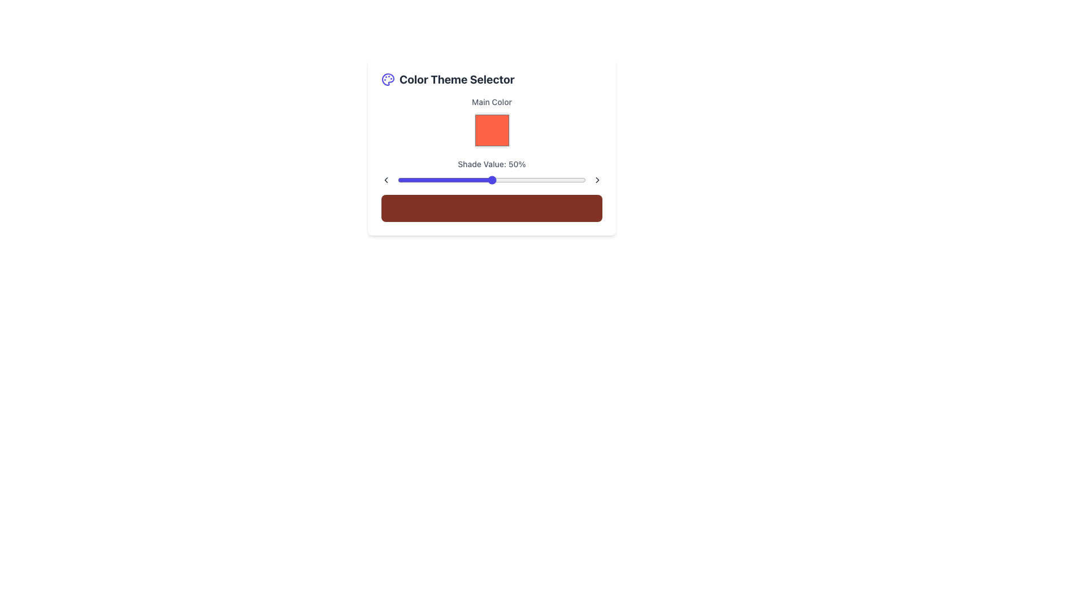  Describe the element at coordinates (386, 180) in the screenshot. I see `the white-filled left-pointing chevron icon with a black stroke, located next to the text 'Shade Value: 50%' and the slider interface` at that location.